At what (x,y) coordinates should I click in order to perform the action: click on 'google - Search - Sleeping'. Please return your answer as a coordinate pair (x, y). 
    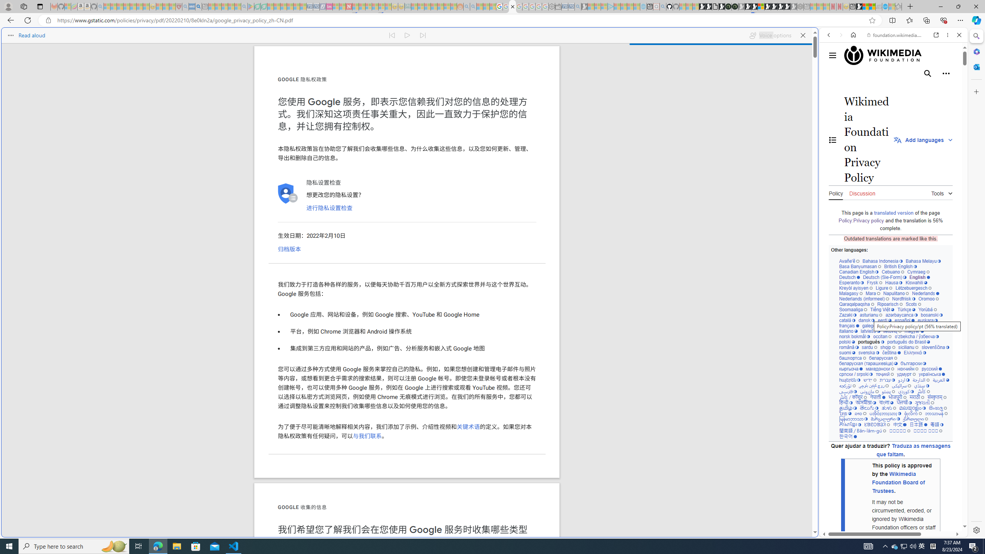
    Looking at the image, I should click on (244, 6).